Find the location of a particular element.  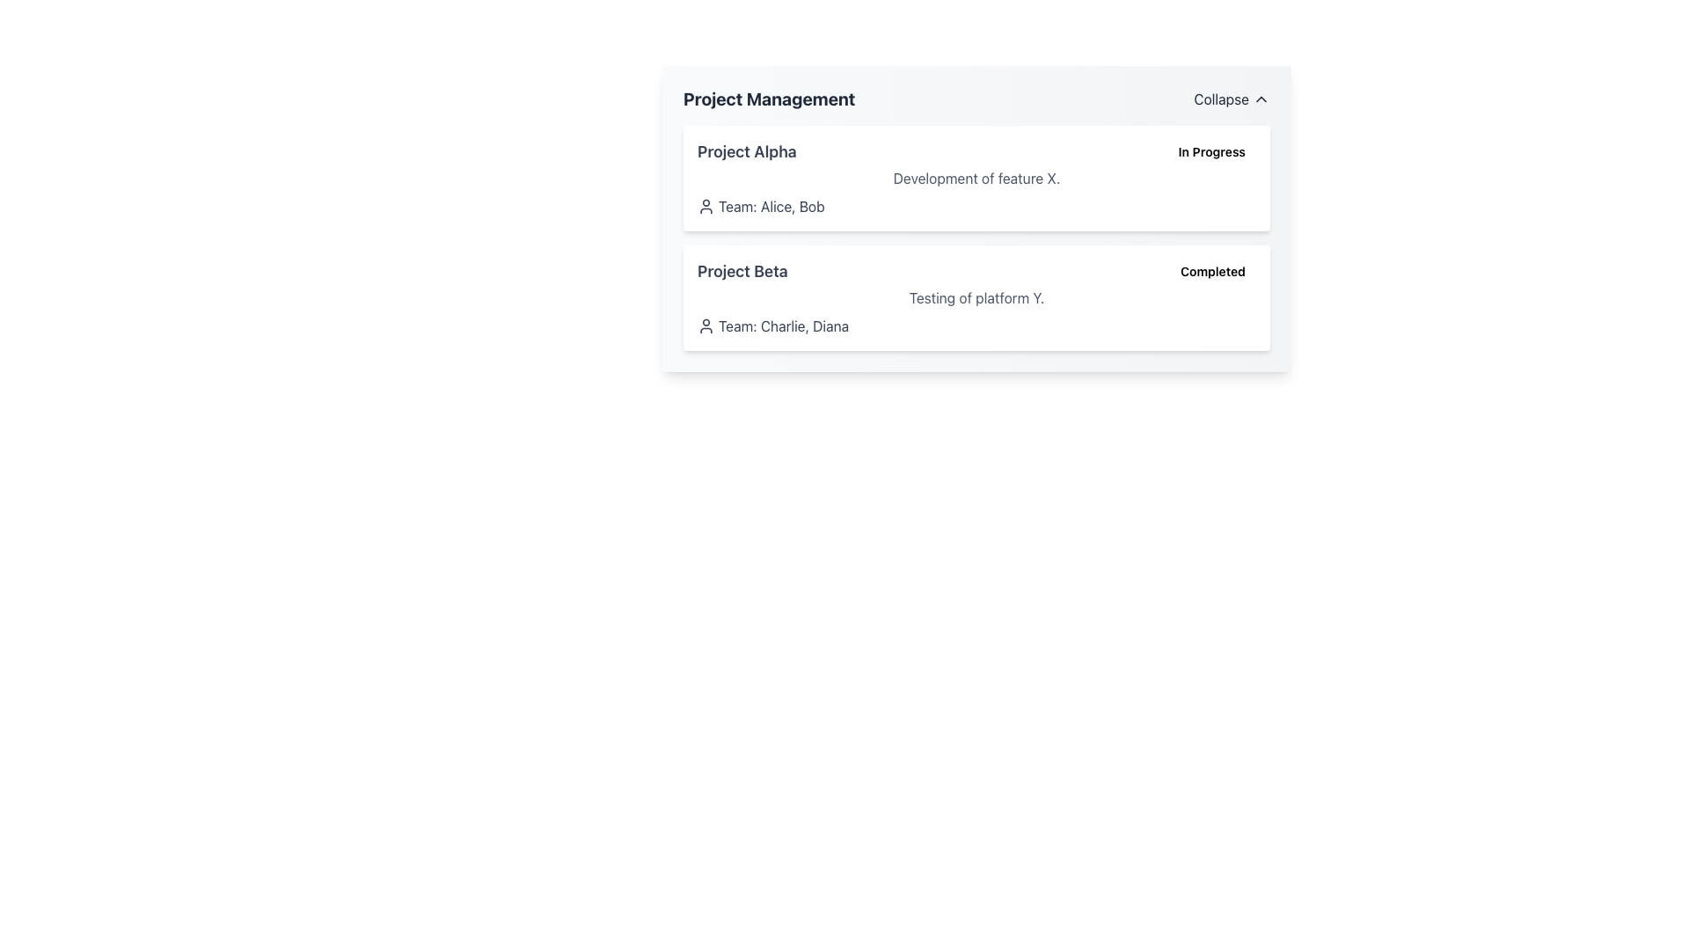

the 'Collapse' button located in the top-right corner of the 'Project Management' section is located at coordinates (1231, 99).